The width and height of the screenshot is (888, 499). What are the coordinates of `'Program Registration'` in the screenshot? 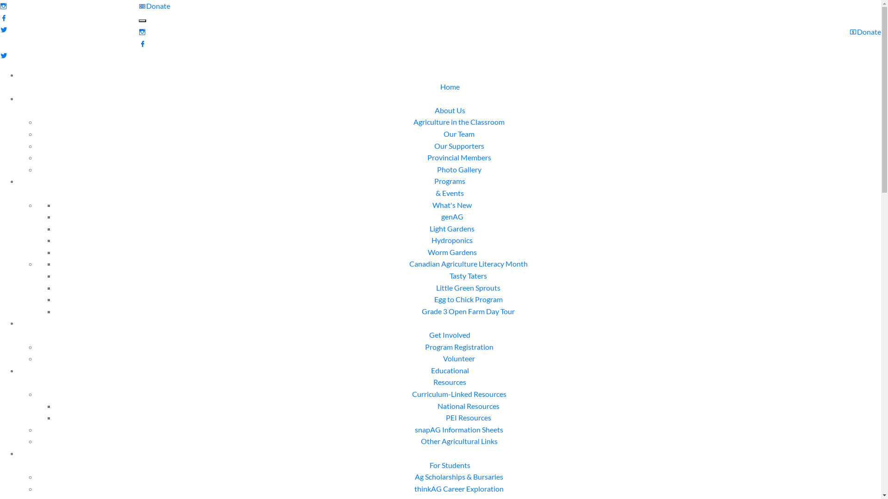 It's located at (459, 347).